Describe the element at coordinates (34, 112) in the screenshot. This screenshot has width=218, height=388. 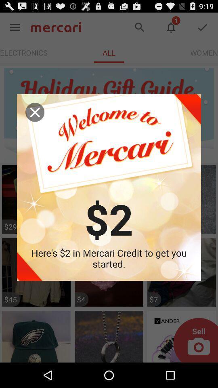
I see `close` at that location.